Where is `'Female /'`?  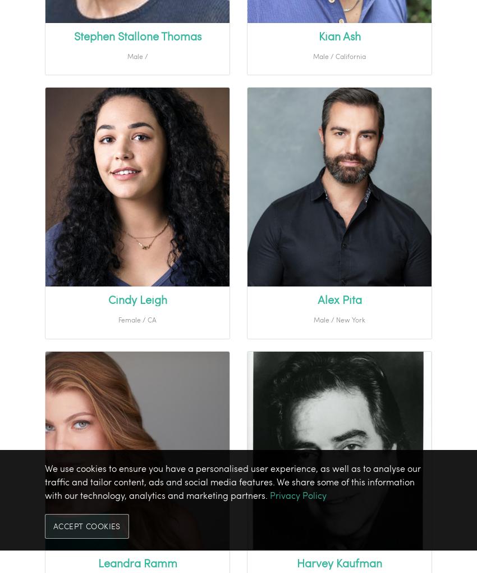 'Female /' is located at coordinates (132, 319).